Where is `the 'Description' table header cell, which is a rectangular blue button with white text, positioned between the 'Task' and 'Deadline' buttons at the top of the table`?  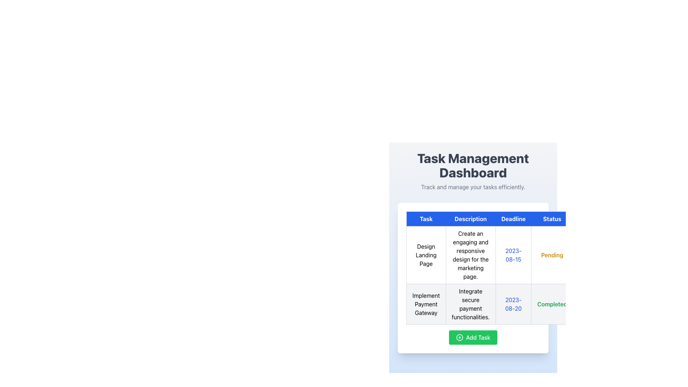
the 'Description' table header cell, which is a rectangular blue button with white text, positioned between the 'Task' and 'Deadline' buttons at the top of the table is located at coordinates (470, 218).